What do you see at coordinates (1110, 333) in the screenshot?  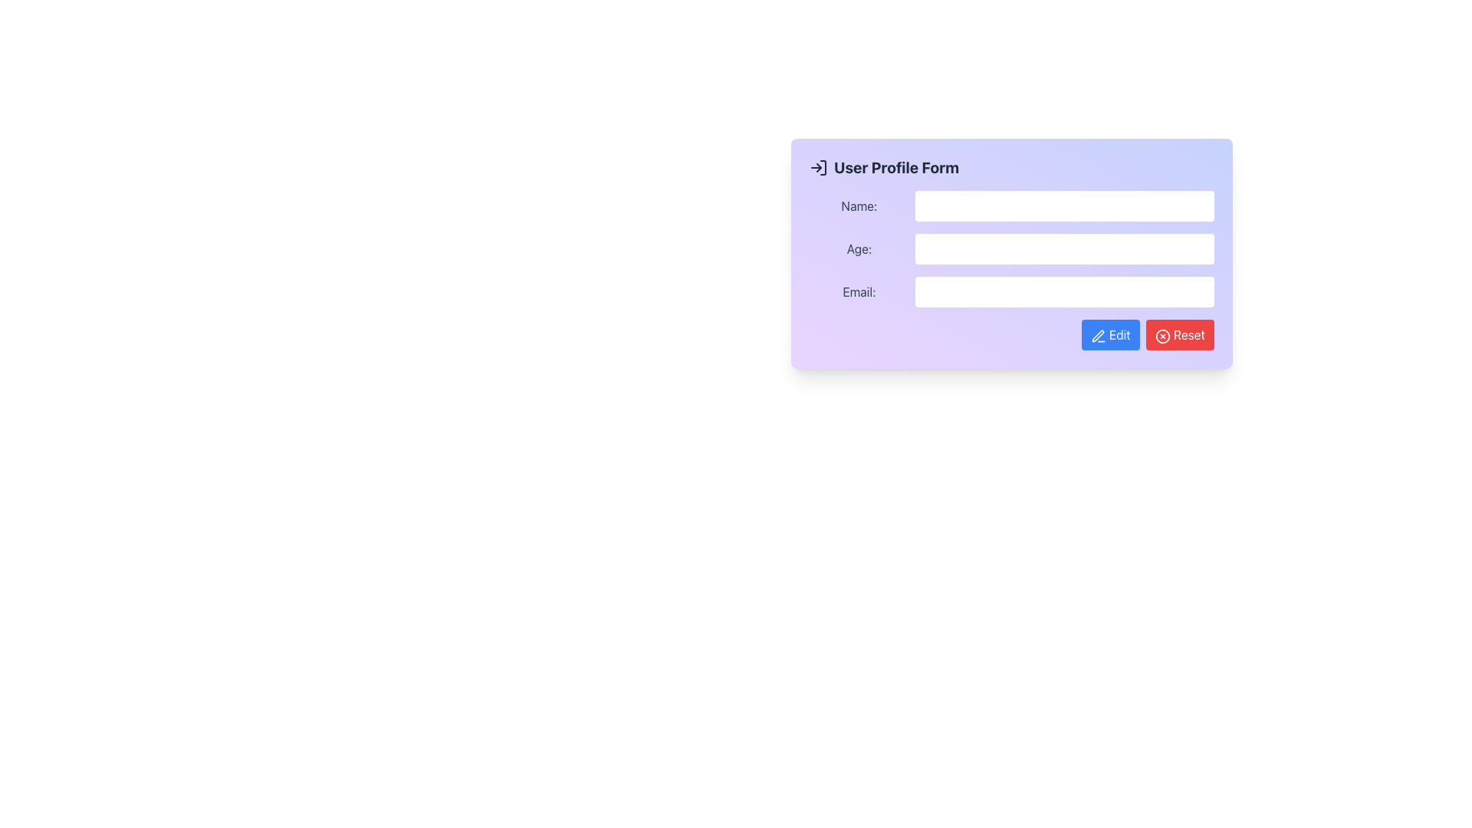 I see `the blue rounded rectangular button labeled 'Edit' with a white pen icon to initiate editing` at bounding box center [1110, 333].